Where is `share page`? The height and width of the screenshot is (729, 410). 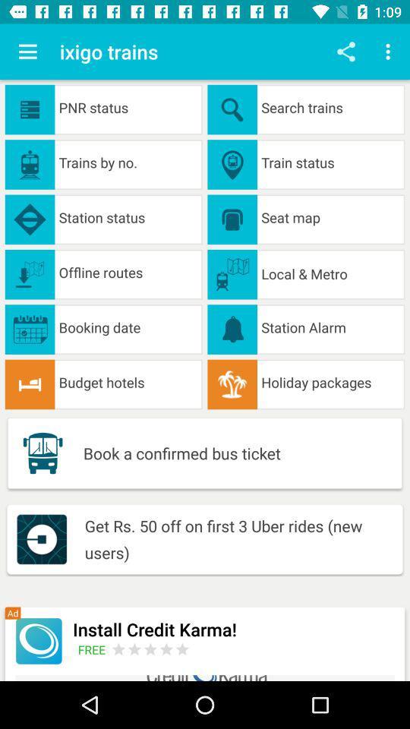
share page is located at coordinates (345, 52).